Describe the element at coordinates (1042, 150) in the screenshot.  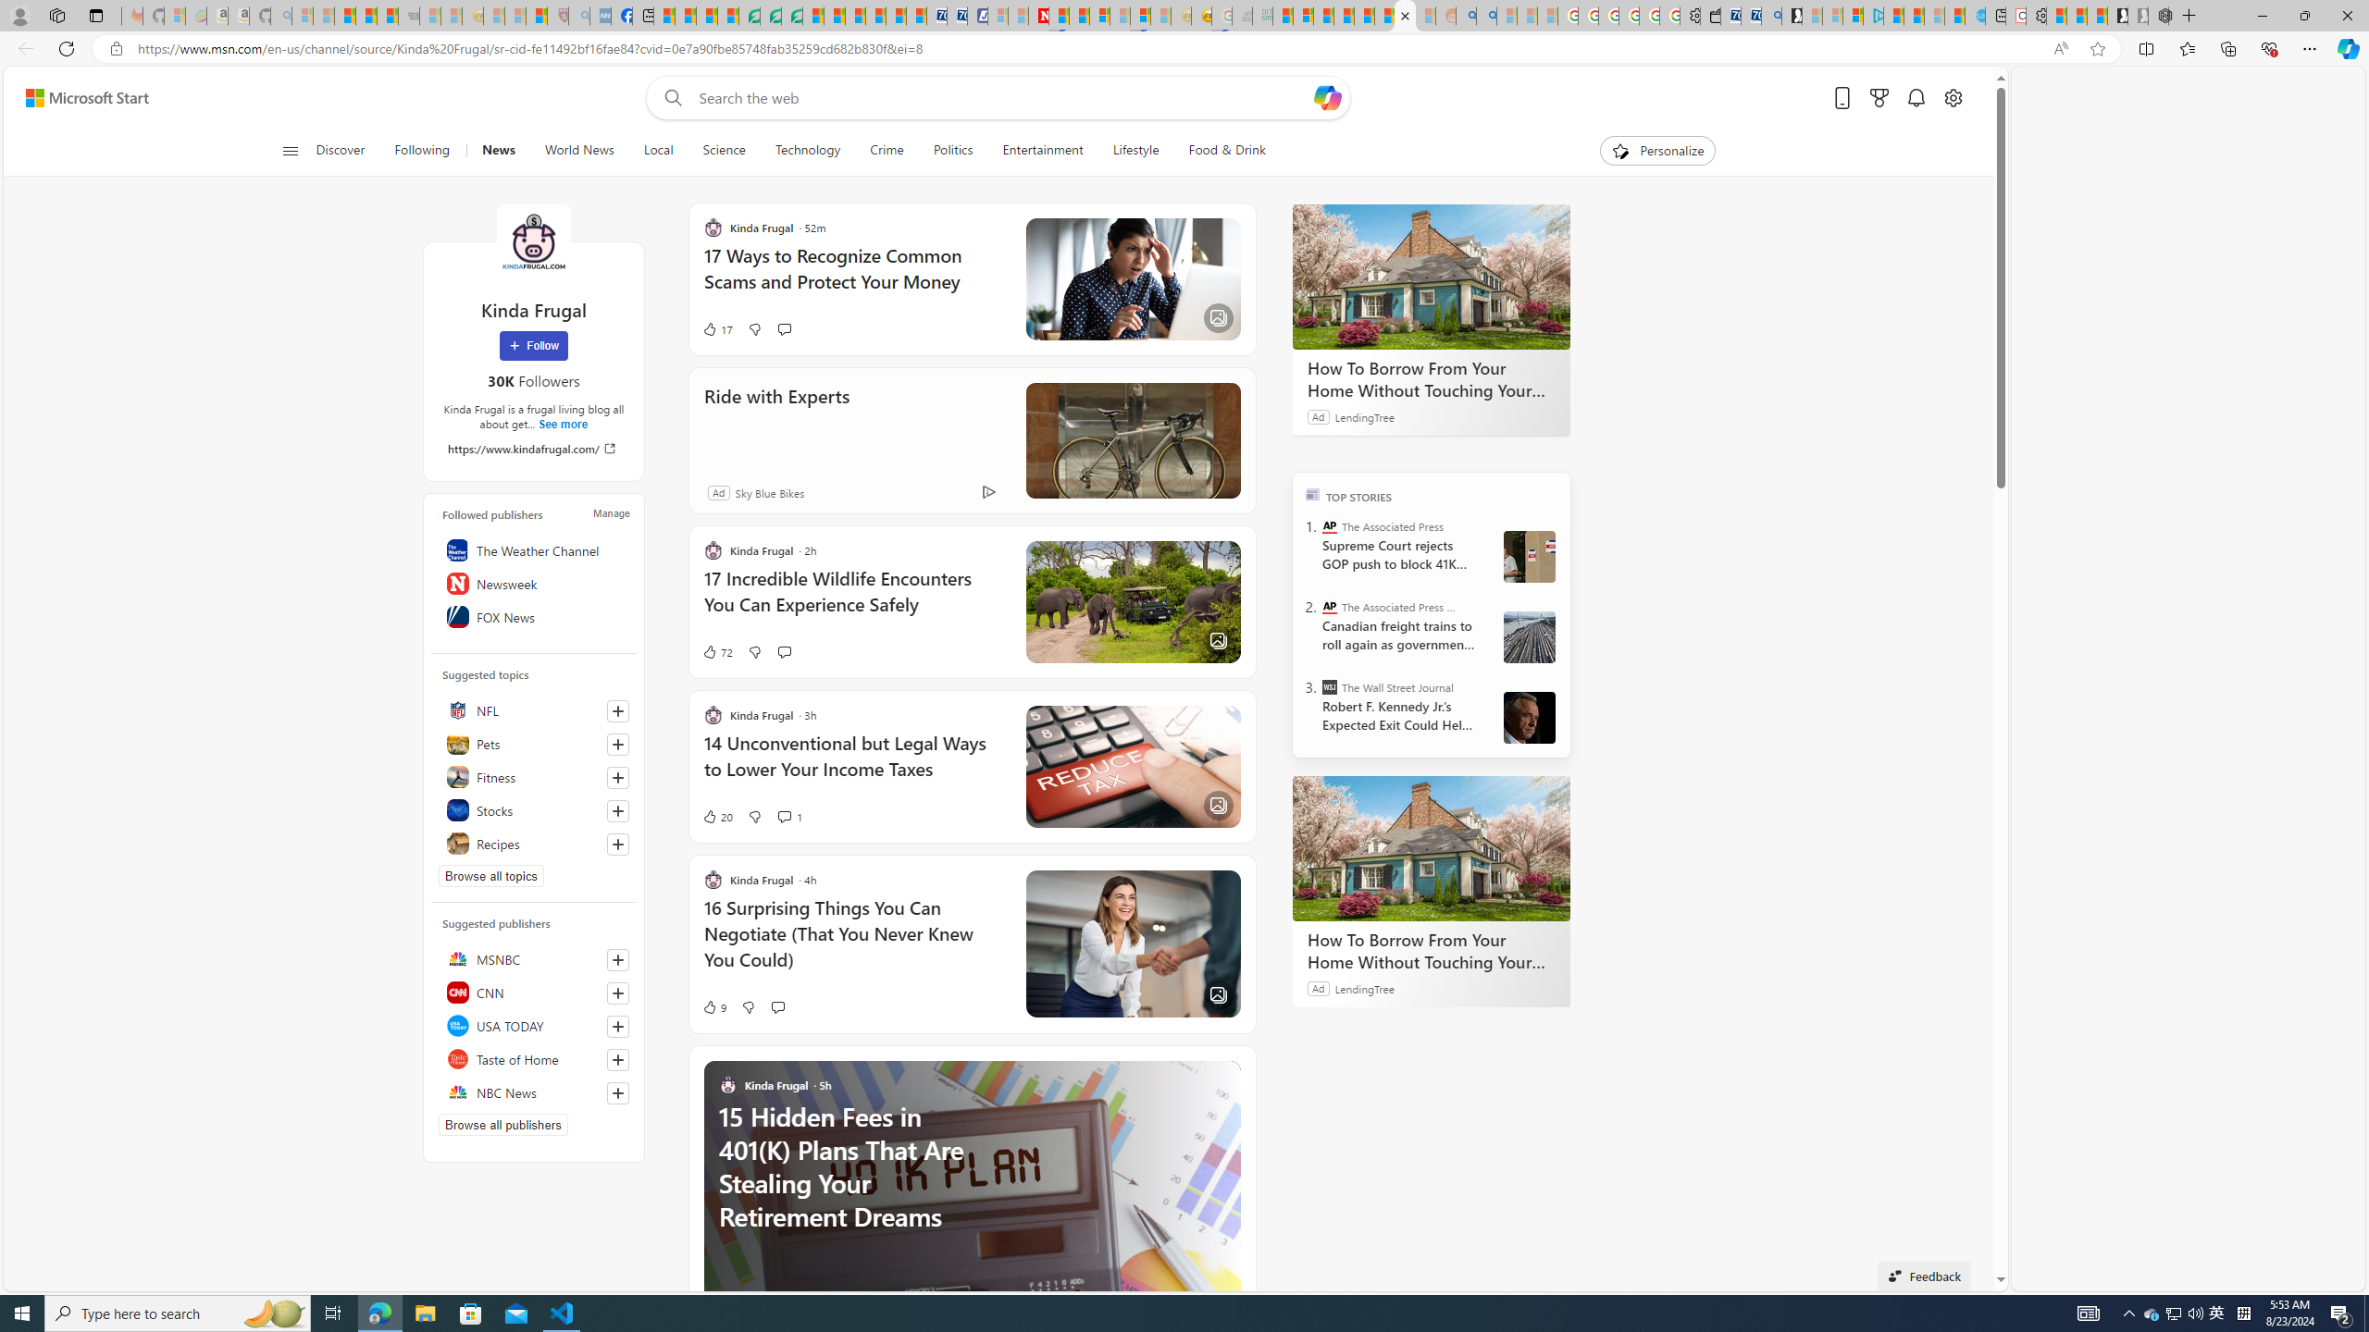
I see `'Entertainment'` at that location.